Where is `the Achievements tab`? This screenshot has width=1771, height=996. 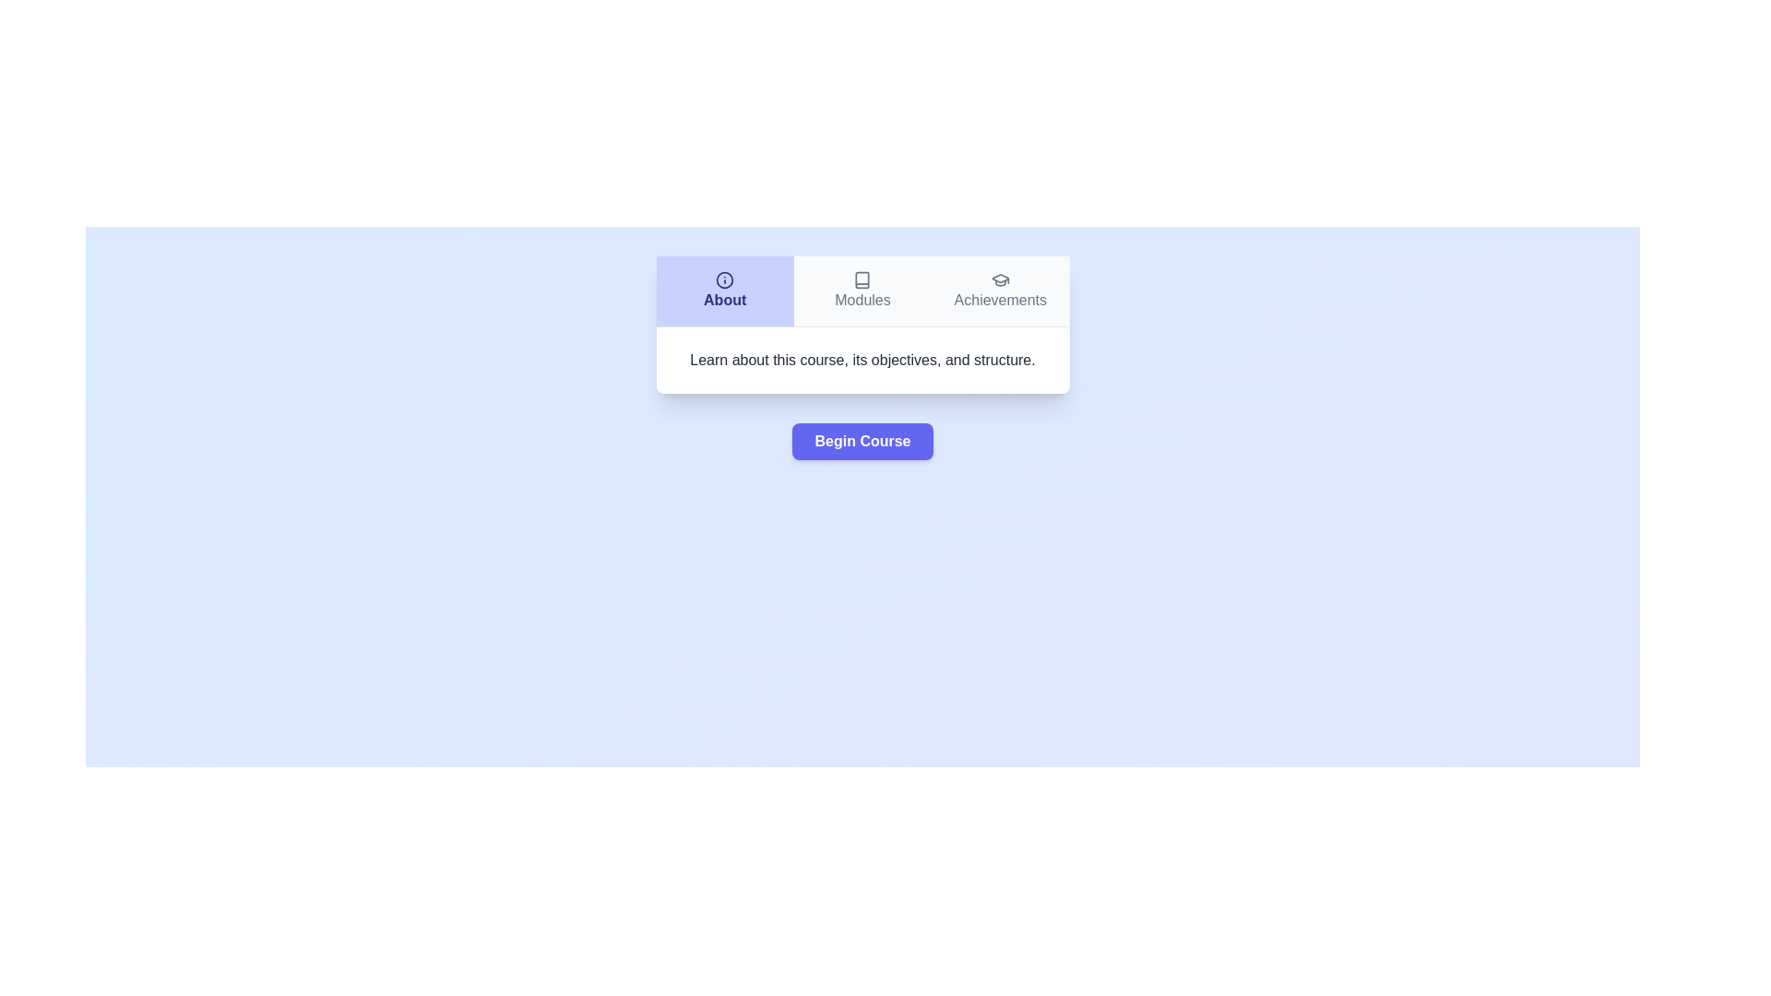 the Achievements tab is located at coordinates (999, 290).